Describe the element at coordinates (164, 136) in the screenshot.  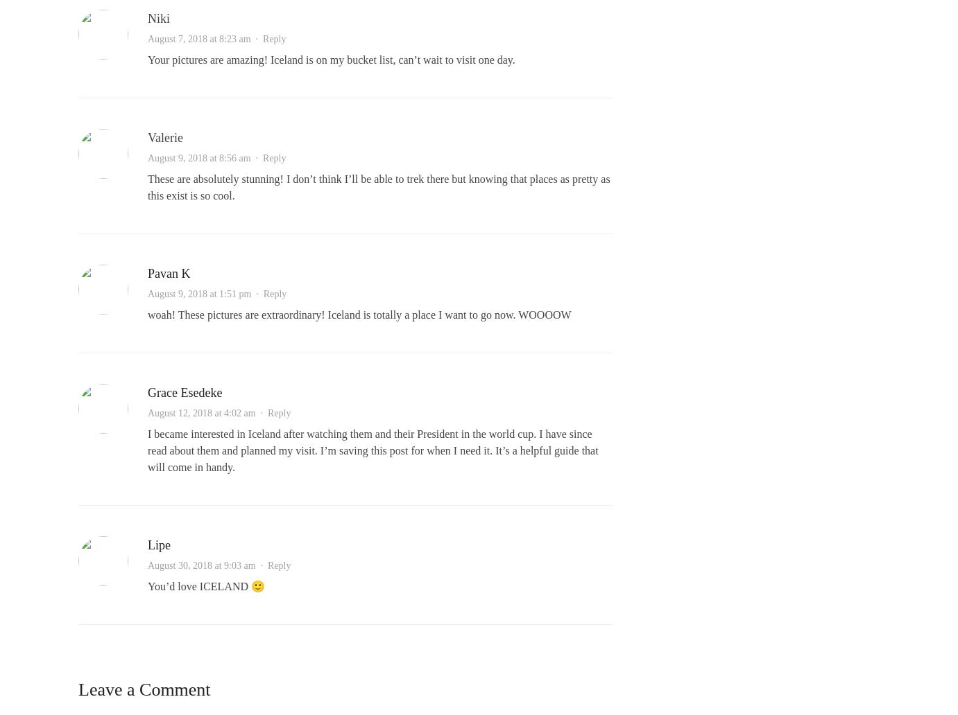
I see `'Valerie'` at that location.